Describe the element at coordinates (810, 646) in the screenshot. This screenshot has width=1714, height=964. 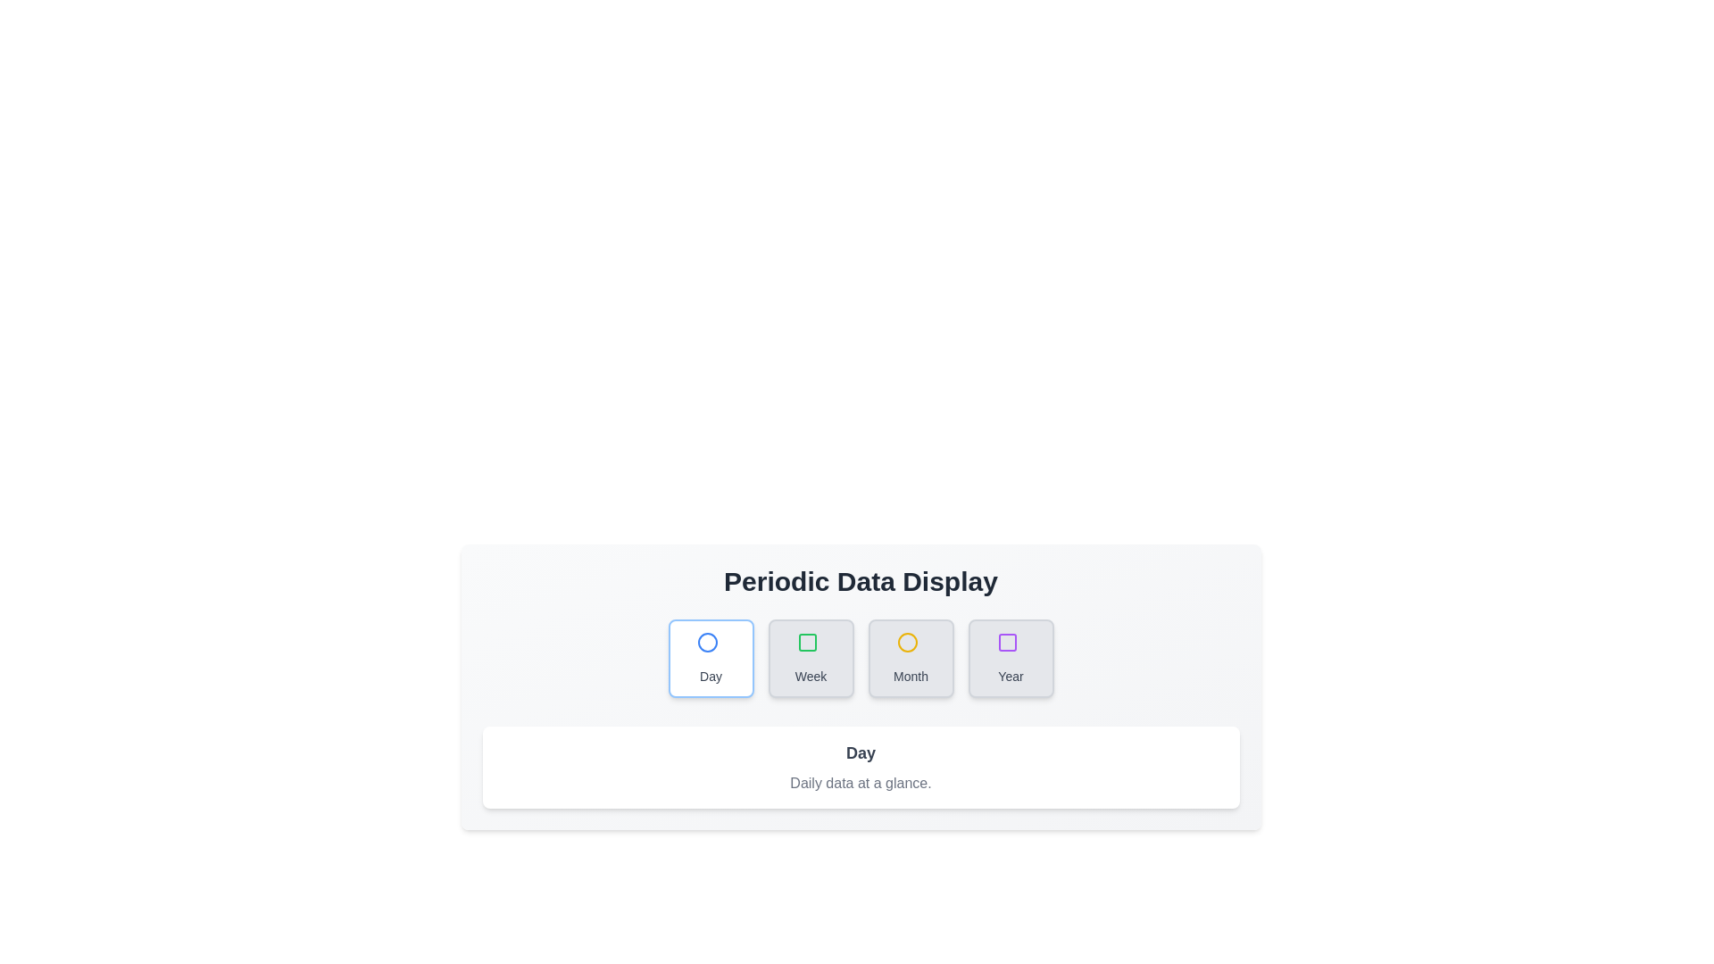
I see `the green-outlined square icon located at the center-top of the 'Week' button, which is the second button in a horizontal sequence of four buttons` at that location.